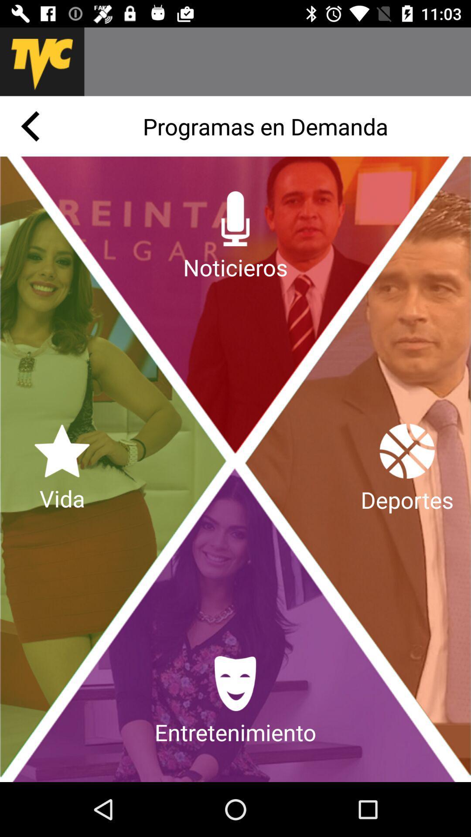 The image size is (471, 837). What do you see at coordinates (30, 126) in the screenshot?
I see `the item next to the programas en demanda item` at bounding box center [30, 126].